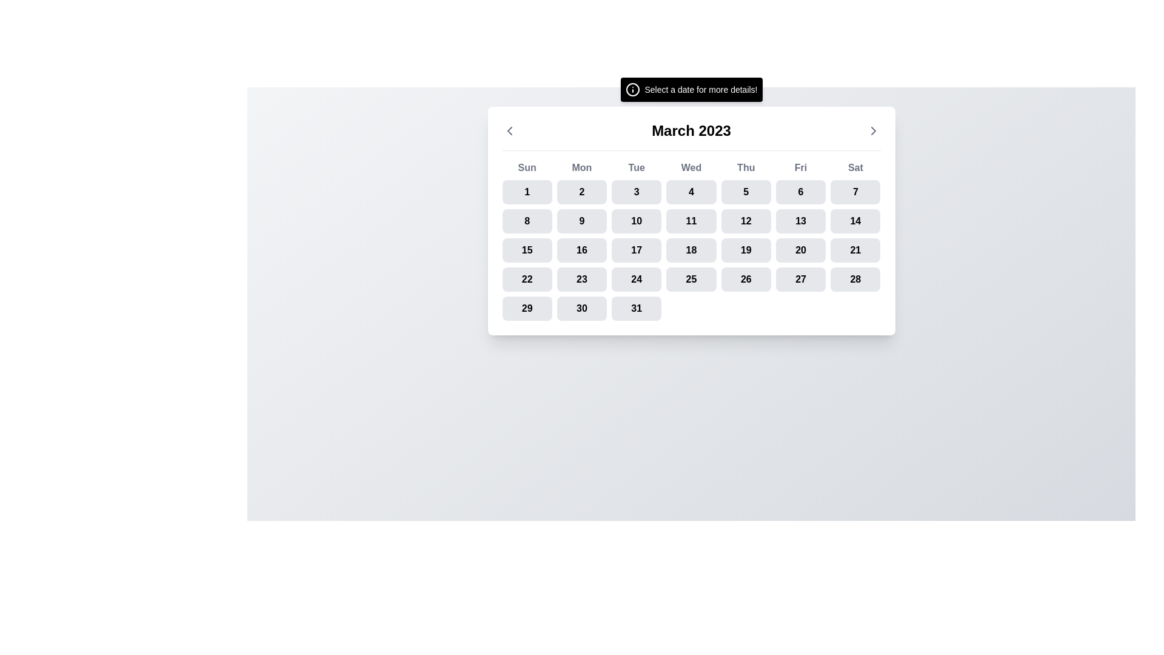 The image size is (1164, 655). I want to click on the button-like UI component displaying the date '19' in the calendar grid, so click(745, 249).